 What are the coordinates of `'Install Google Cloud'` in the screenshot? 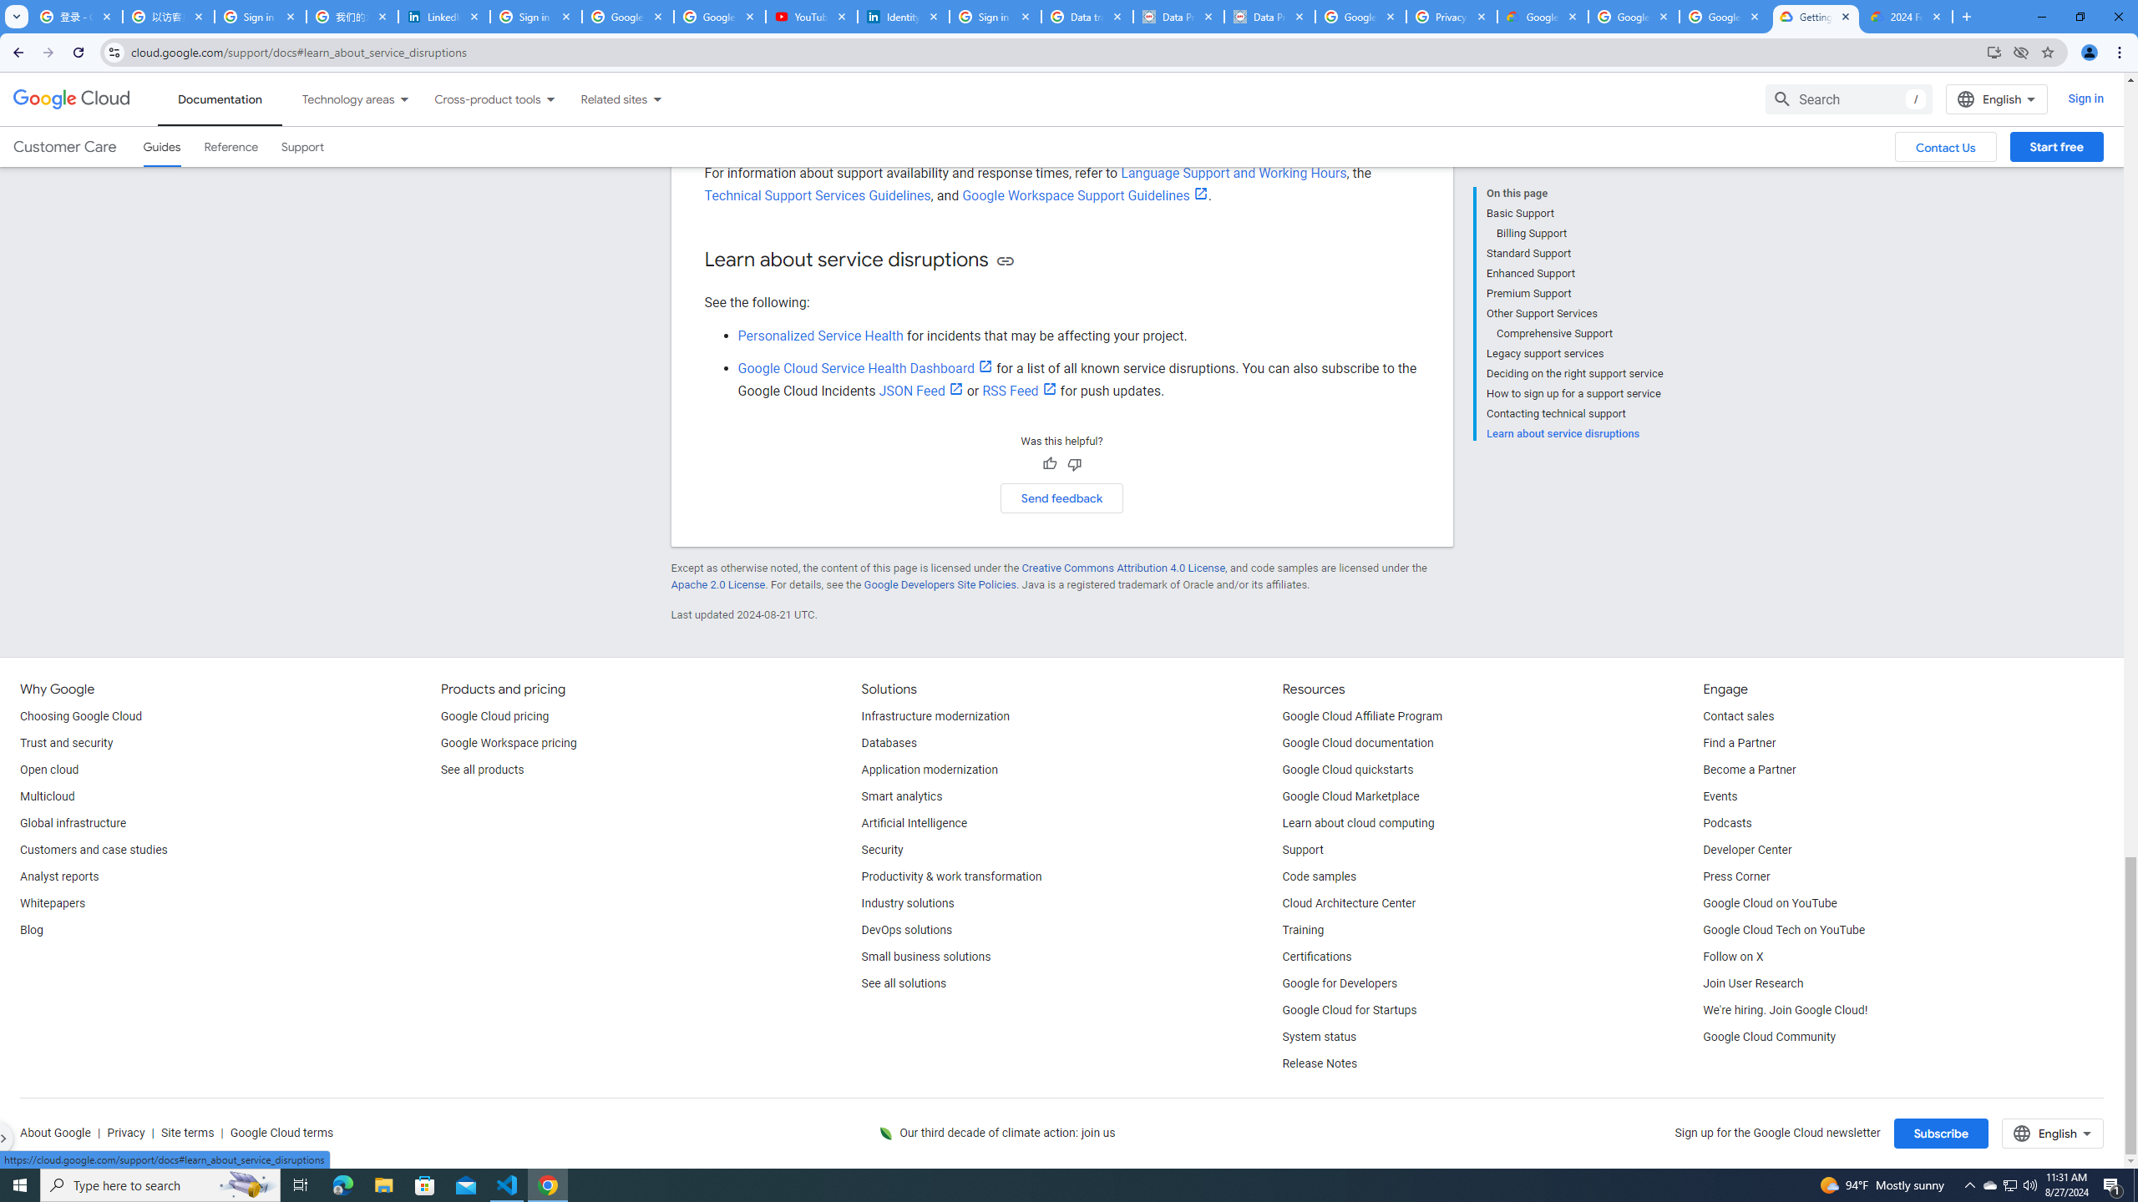 It's located at (1994, 51).